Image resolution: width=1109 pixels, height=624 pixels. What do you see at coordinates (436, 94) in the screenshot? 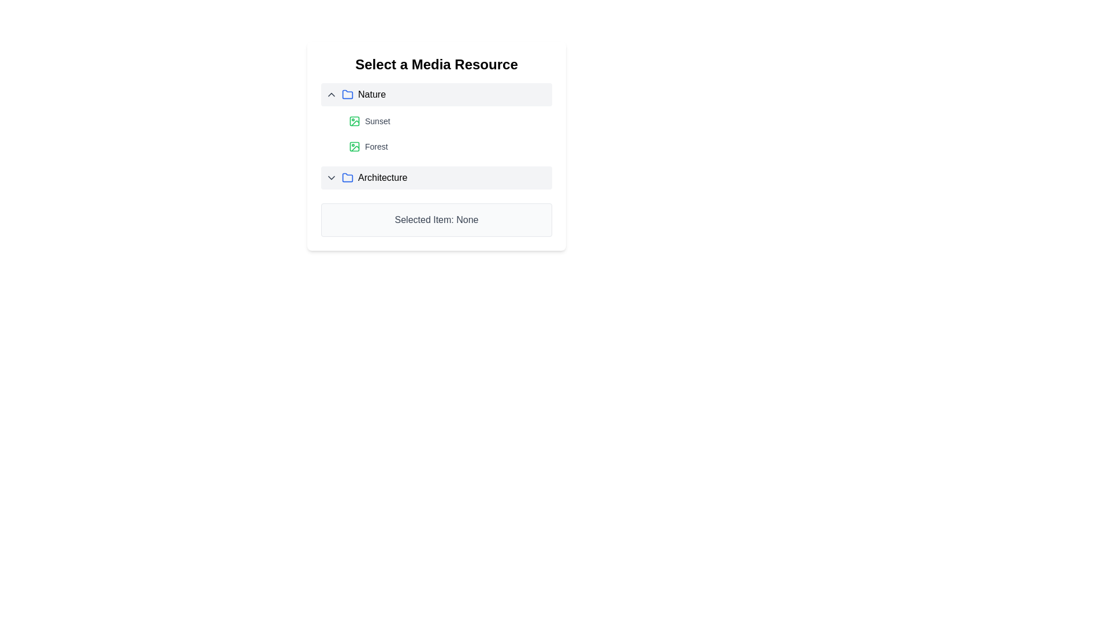
I see `the first collapsible list item in the selection menu` at bounding box center [436, 94].